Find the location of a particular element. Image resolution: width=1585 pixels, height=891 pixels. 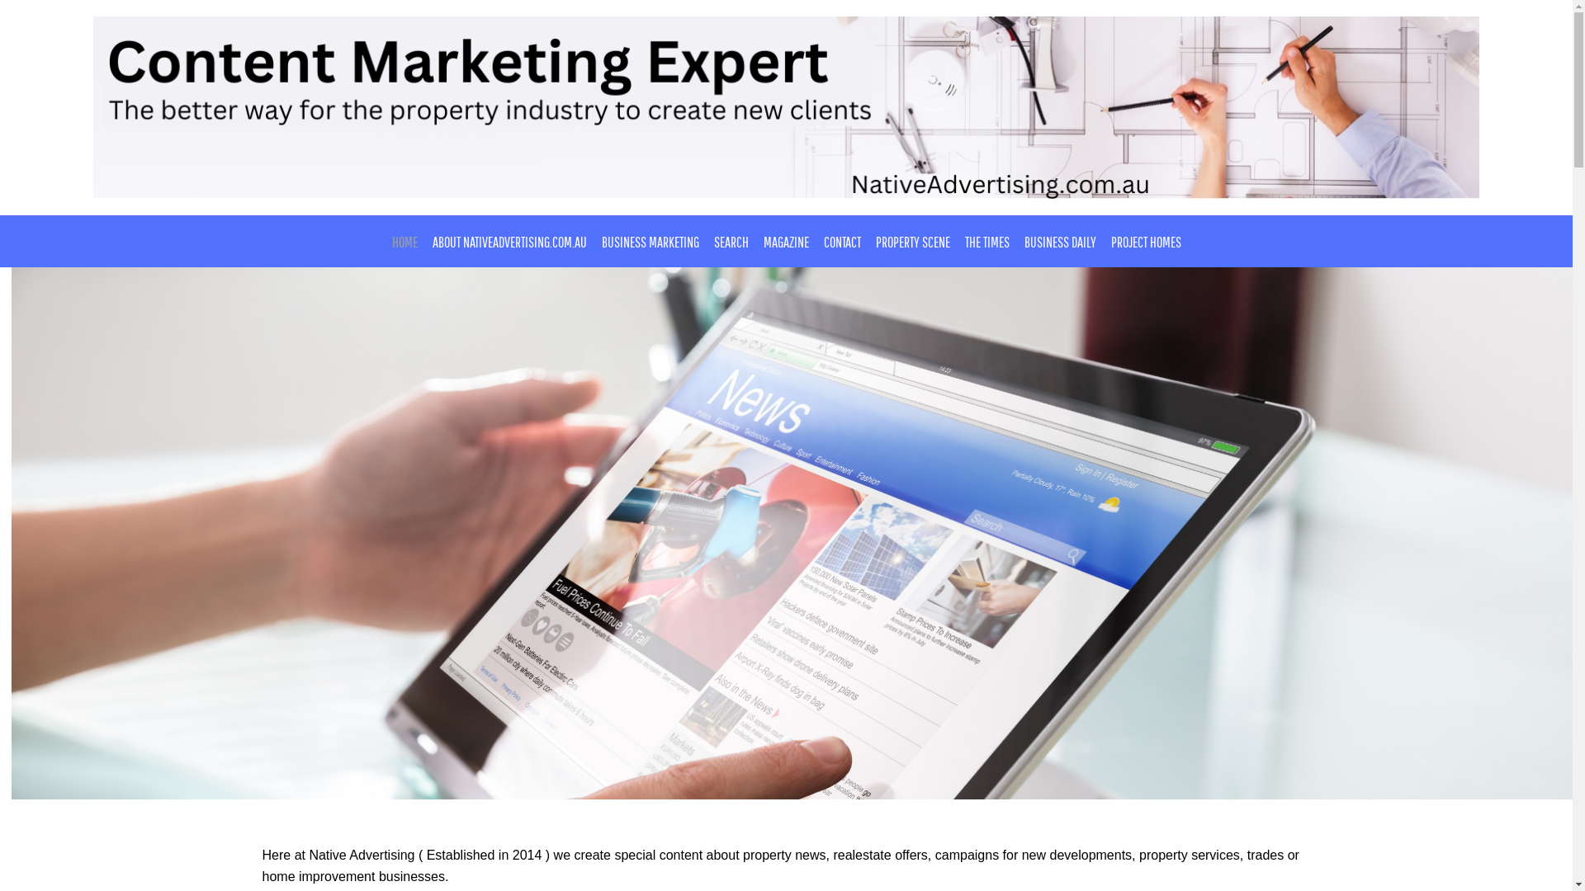

'HOME' is located at coordinates (383, 242).